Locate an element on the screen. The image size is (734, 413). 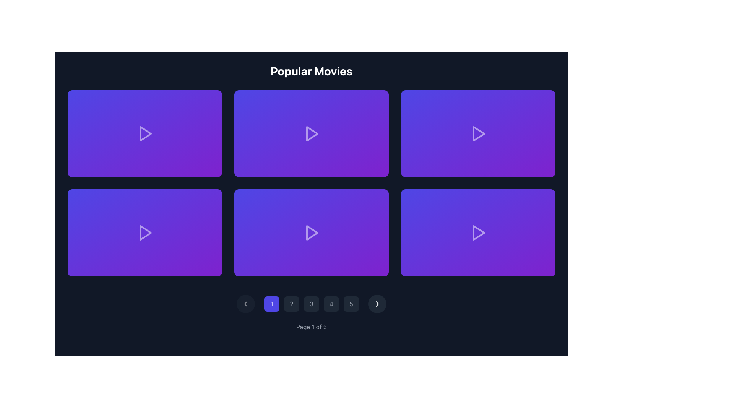
the play button icon located in the top-left card of the 'Popular Movies' section for keyboard navigation is located at coordinates (145, 133).